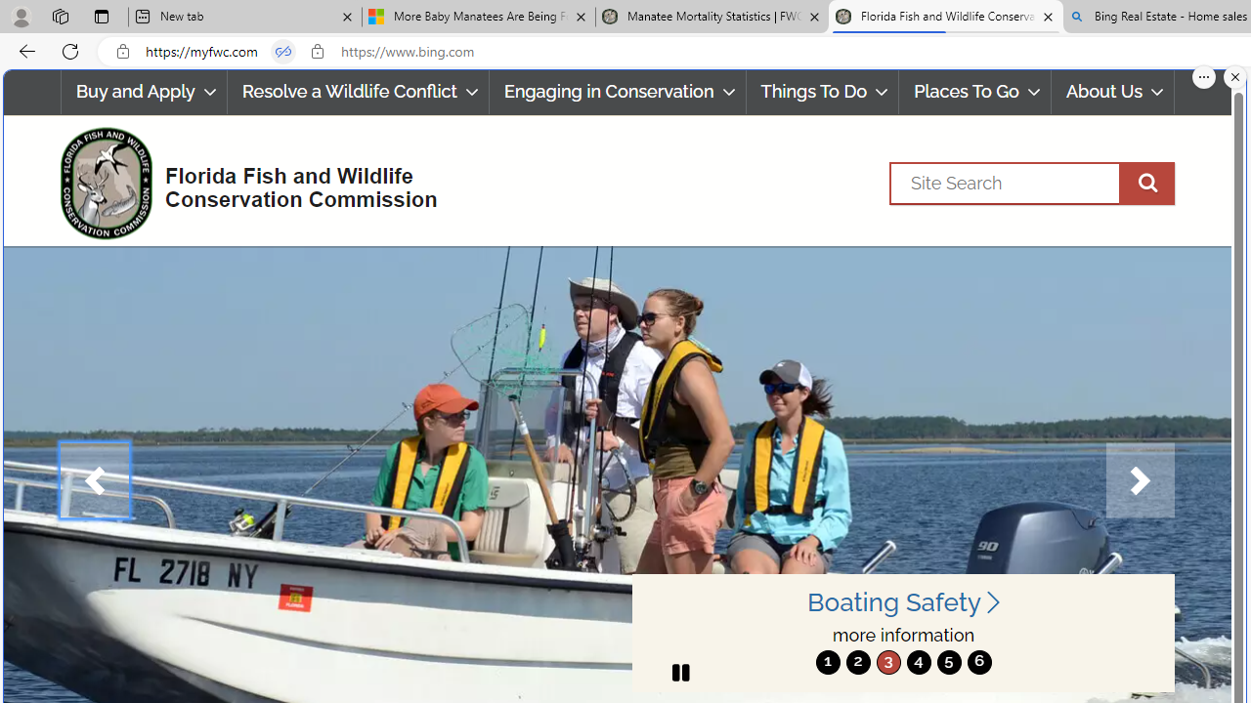 The image size is (1251, 703). What do you see at coordinates (239, 181) in the screenshot?
I see `'FWC Logo Florida Fish and Wildlife Conservation Commission'` at bounding box center [239, 181].